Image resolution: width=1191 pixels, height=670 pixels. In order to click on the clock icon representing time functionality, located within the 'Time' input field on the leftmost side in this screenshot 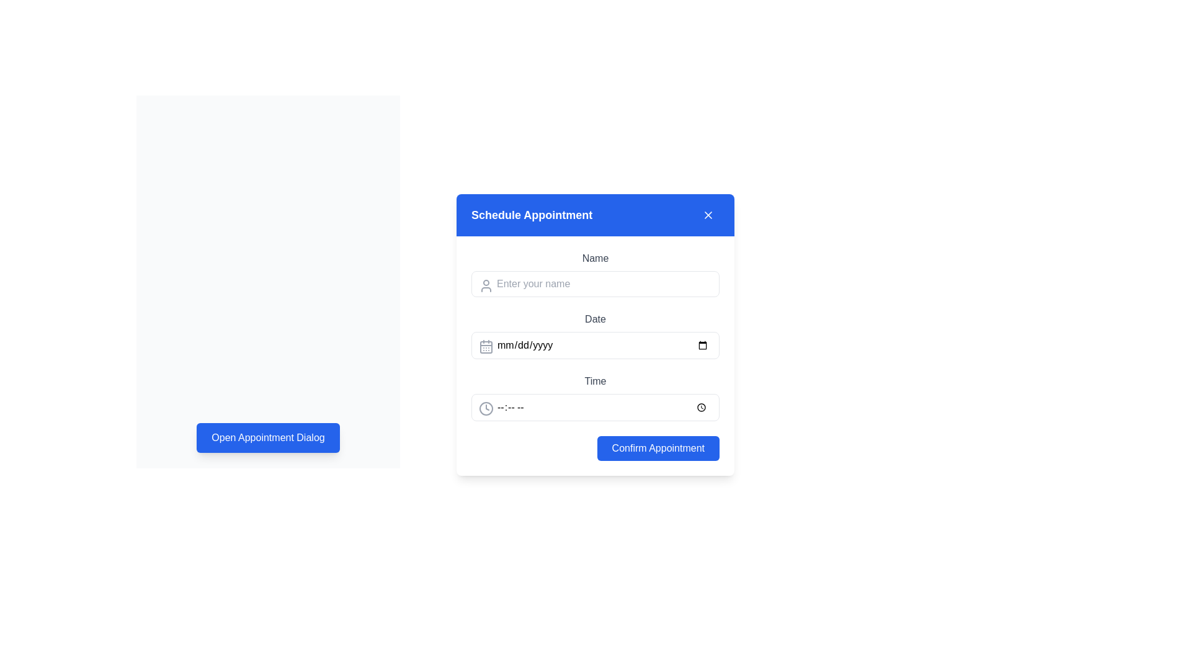, I will do `click(485, 409)`.